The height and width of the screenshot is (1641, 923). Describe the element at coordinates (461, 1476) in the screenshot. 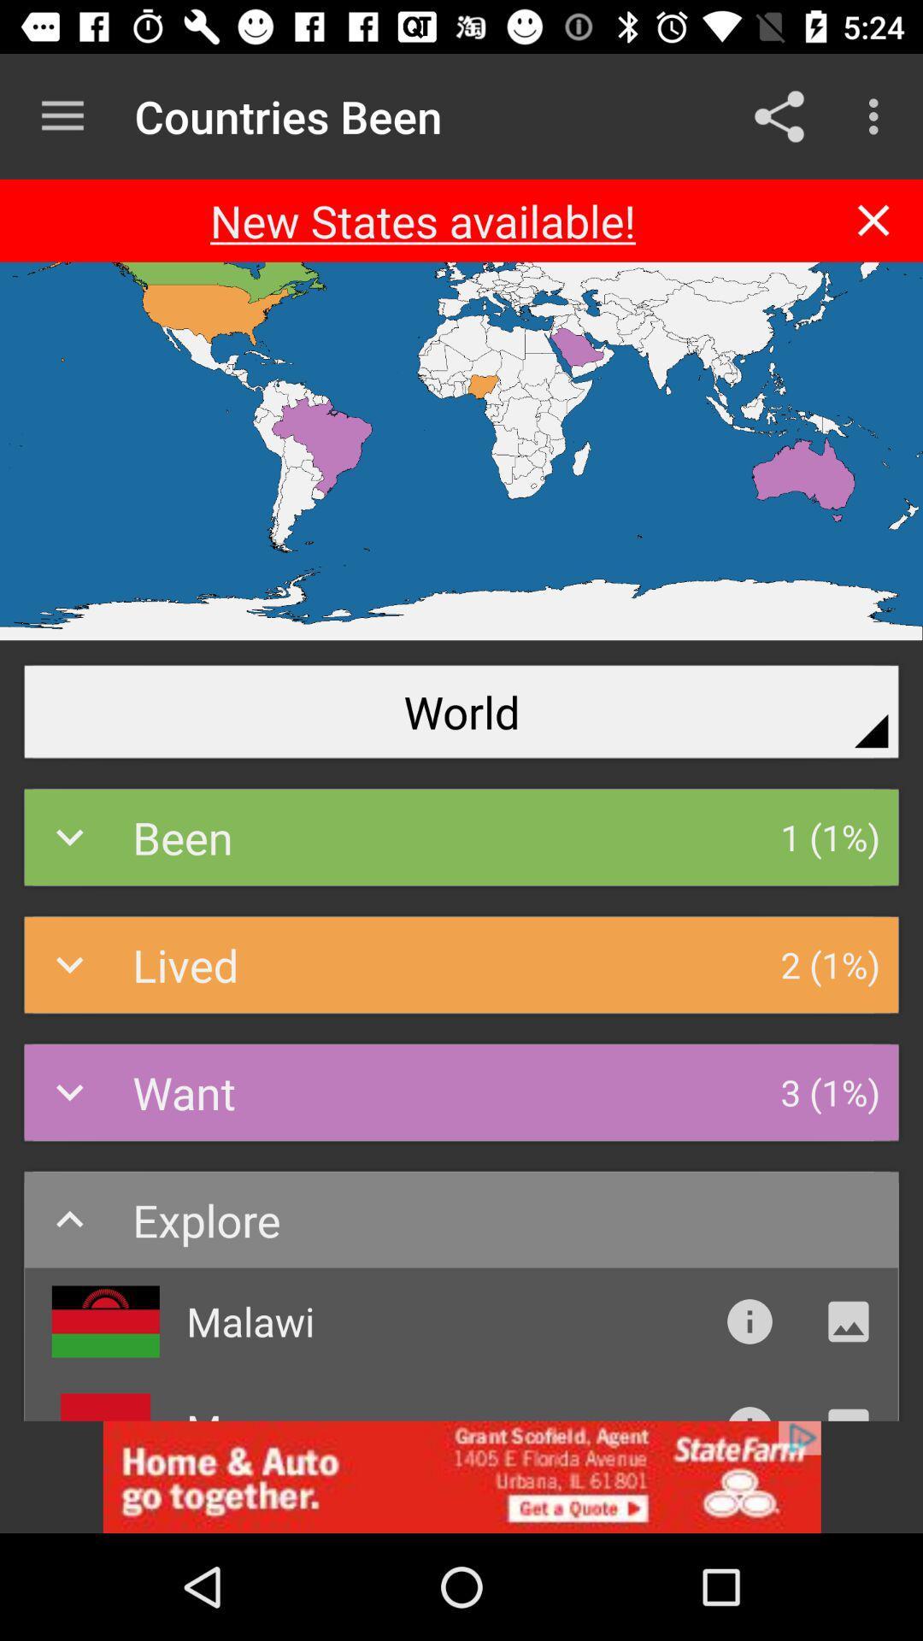

I see `advertisement` at that location.